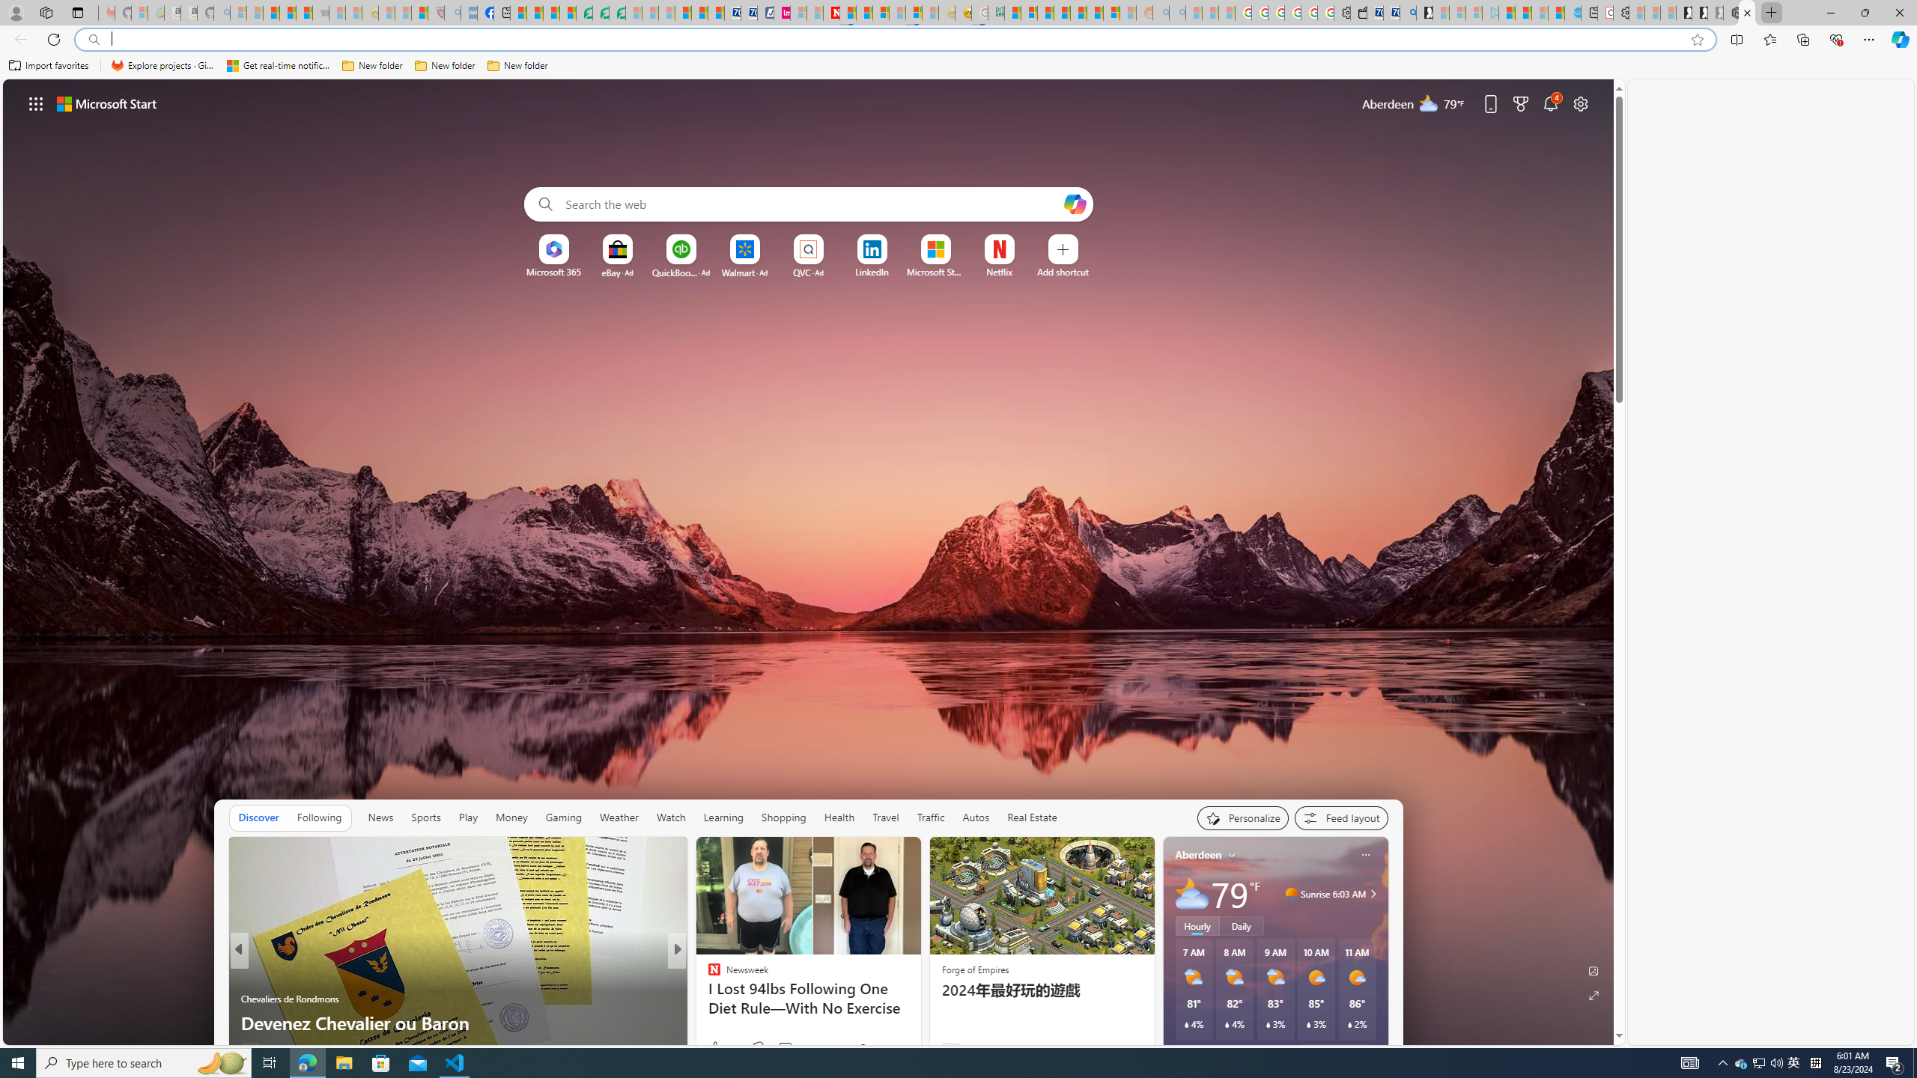 The image size is (1917, 1078). What do you see at coordinates (1539, 12) in the screenshot?
I see `'Microsoft Start - Sleeping'` at bounding box center [1539, 12].